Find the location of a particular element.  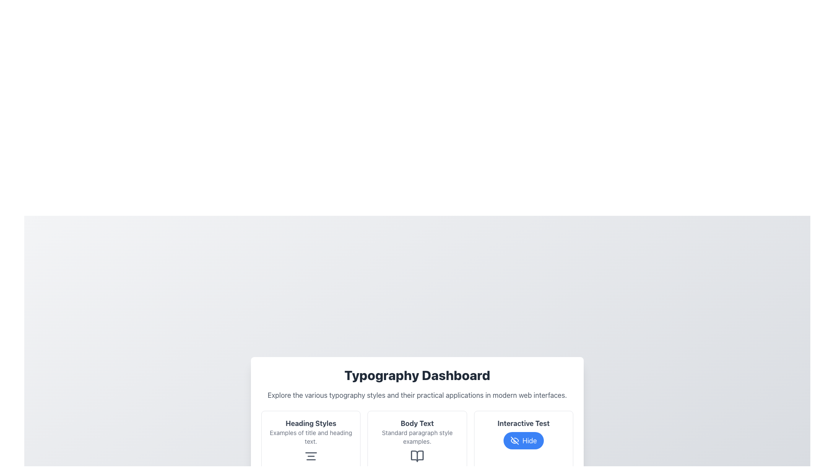

the text label displaying 'Standard paragraph style examples.' which is styled in a small, gray font and positioned below the bold 'Body Text' label within the rounded rectangular card is located at coordinates (417, 437).